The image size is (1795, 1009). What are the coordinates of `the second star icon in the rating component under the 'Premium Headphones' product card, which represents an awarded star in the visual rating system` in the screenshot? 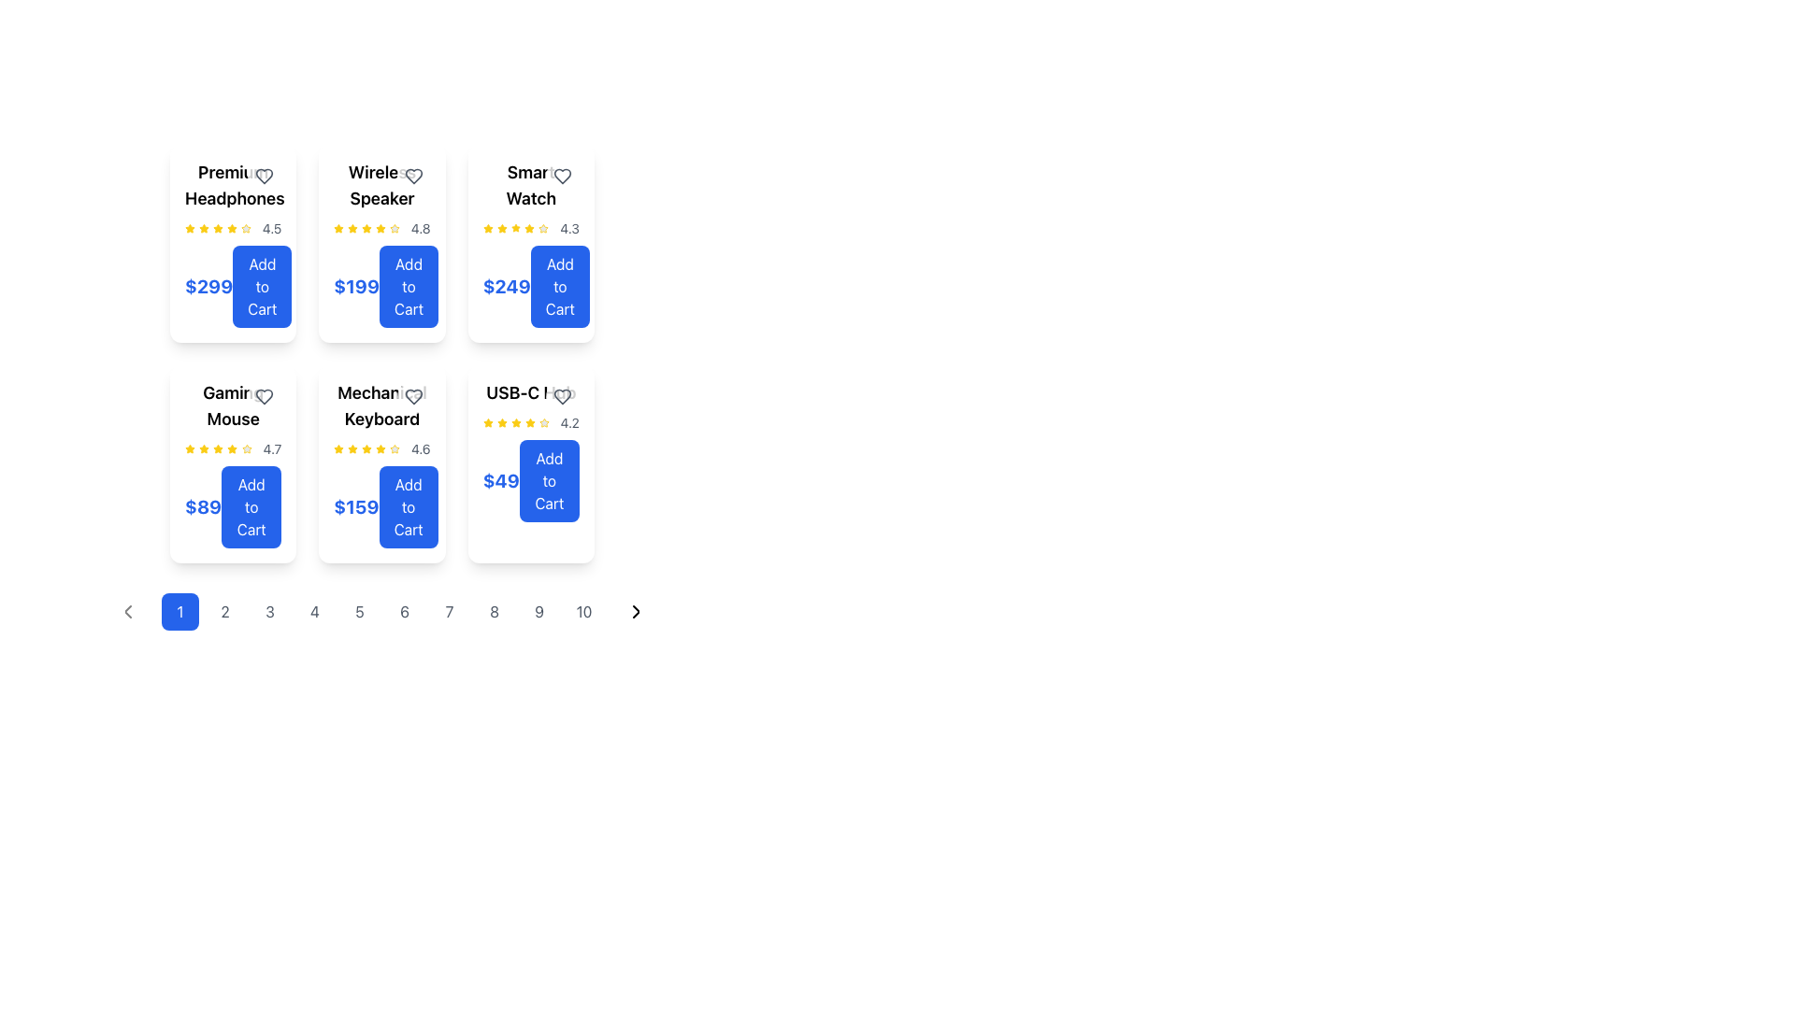 It's located at (218, 227).